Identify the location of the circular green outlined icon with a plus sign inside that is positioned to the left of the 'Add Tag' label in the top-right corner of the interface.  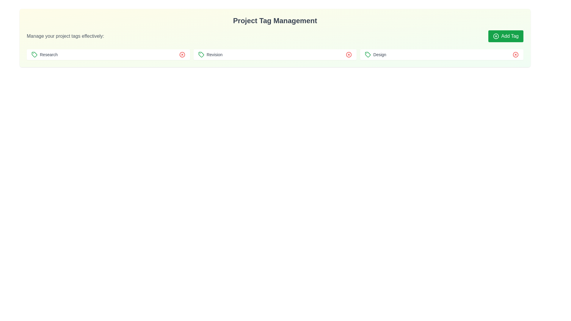
(496, 36).